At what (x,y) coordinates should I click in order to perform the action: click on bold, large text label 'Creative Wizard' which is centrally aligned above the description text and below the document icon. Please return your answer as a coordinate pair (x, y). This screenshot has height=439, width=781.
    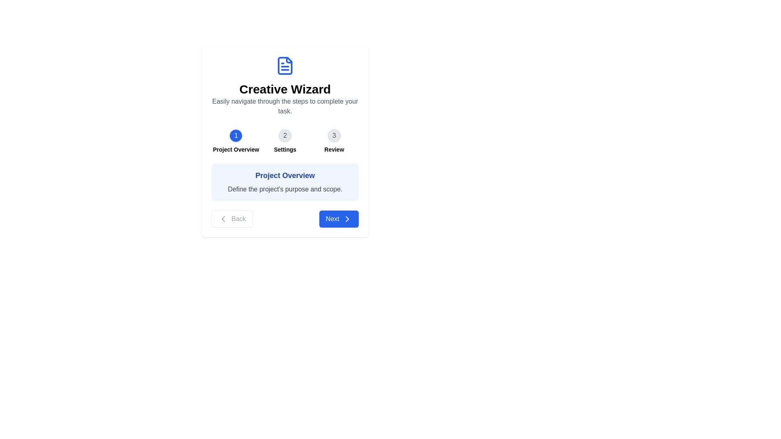
    Looking at the image, I should click on (285, 89).